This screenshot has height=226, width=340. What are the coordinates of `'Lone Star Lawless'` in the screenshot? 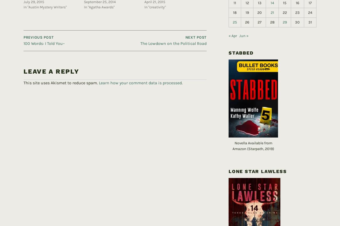 It's located at (257, 163).